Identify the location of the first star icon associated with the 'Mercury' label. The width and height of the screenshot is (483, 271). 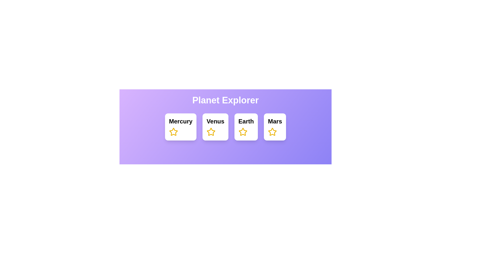
(173, 131).